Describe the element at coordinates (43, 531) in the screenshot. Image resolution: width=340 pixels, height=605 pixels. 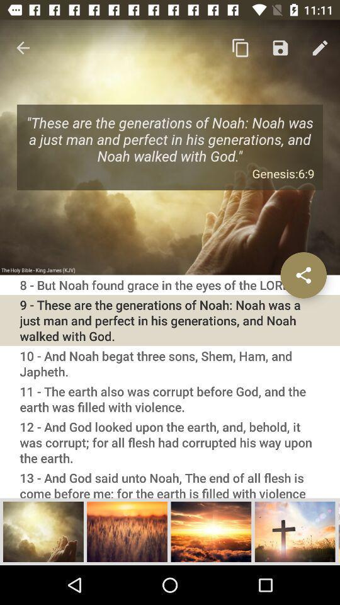
I see `choose image` at that location.